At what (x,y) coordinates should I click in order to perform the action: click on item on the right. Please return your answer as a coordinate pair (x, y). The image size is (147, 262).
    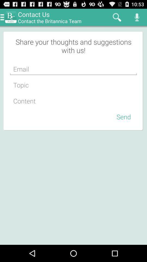
    Looking at the image, I should click on (124, 117).